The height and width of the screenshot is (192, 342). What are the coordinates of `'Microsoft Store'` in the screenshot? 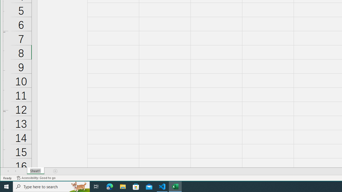 It's located at (136, 186).